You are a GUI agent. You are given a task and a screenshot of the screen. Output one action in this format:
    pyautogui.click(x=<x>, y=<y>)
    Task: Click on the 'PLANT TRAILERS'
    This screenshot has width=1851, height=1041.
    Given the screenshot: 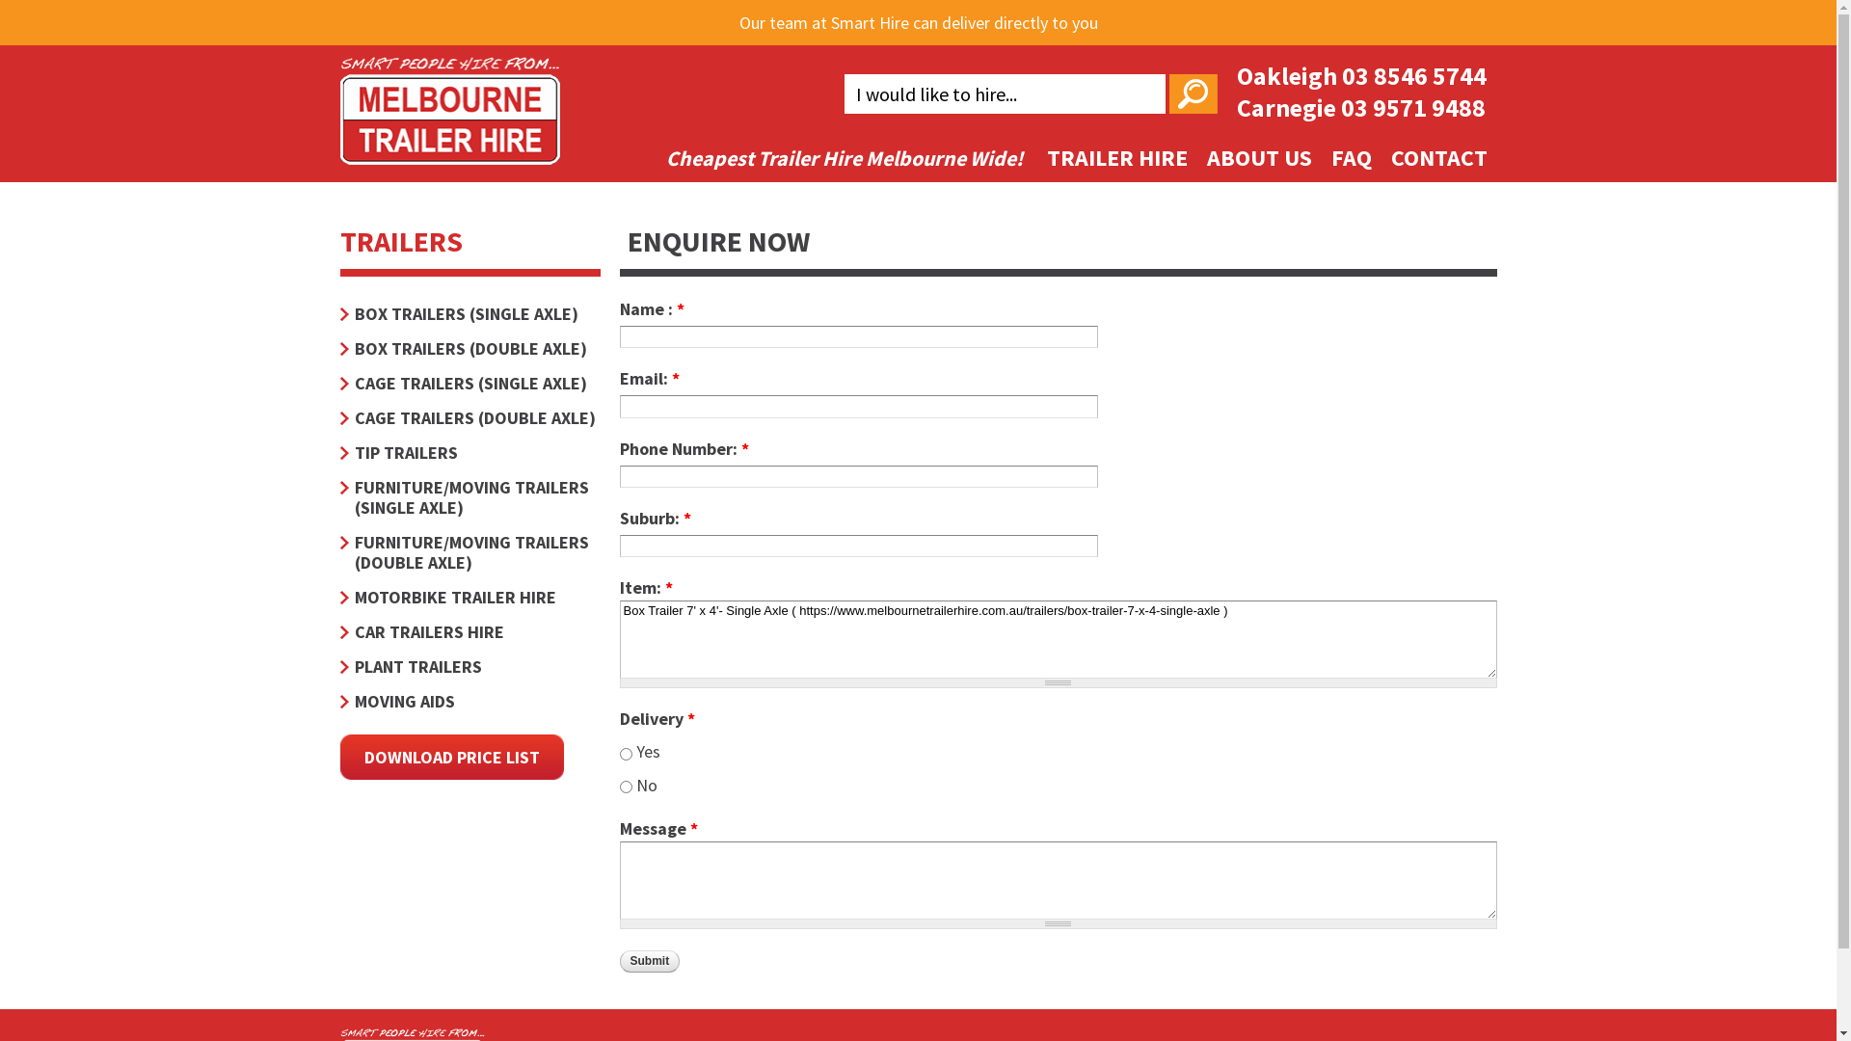 What is the action you would take?
    pyautogui.click(x=469, y=665)
    